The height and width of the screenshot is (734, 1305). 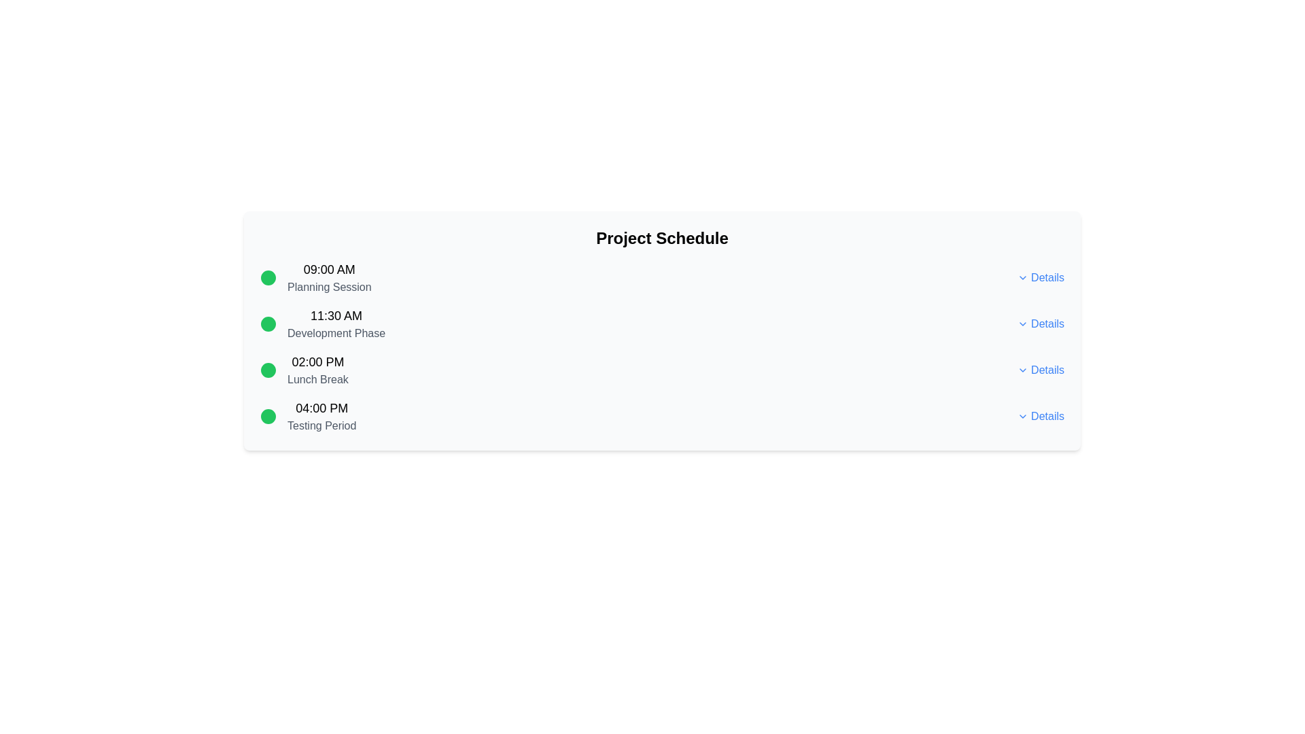 I want to click on the status icon located to the left of the text '04:00 PM Testing Period' in the schedule list to indicate its visual function, so click(x=268, y=416).